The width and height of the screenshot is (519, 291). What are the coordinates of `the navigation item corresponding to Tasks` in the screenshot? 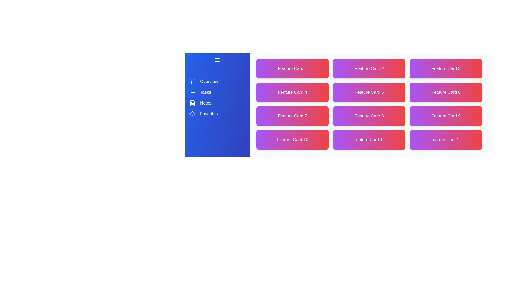 It's located at (217, 92).